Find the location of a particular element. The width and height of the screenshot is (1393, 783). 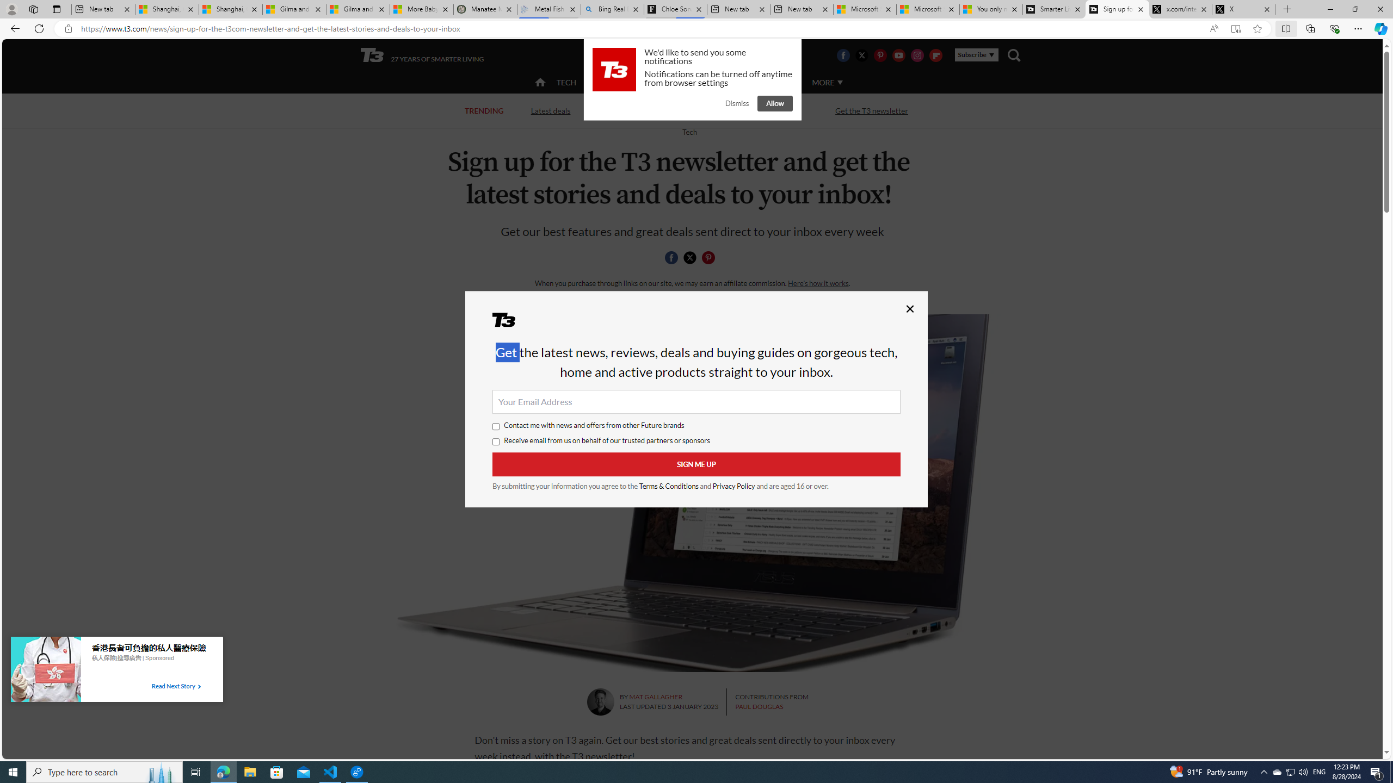

'Privacy Policy' is located at coordinates (732, 486).